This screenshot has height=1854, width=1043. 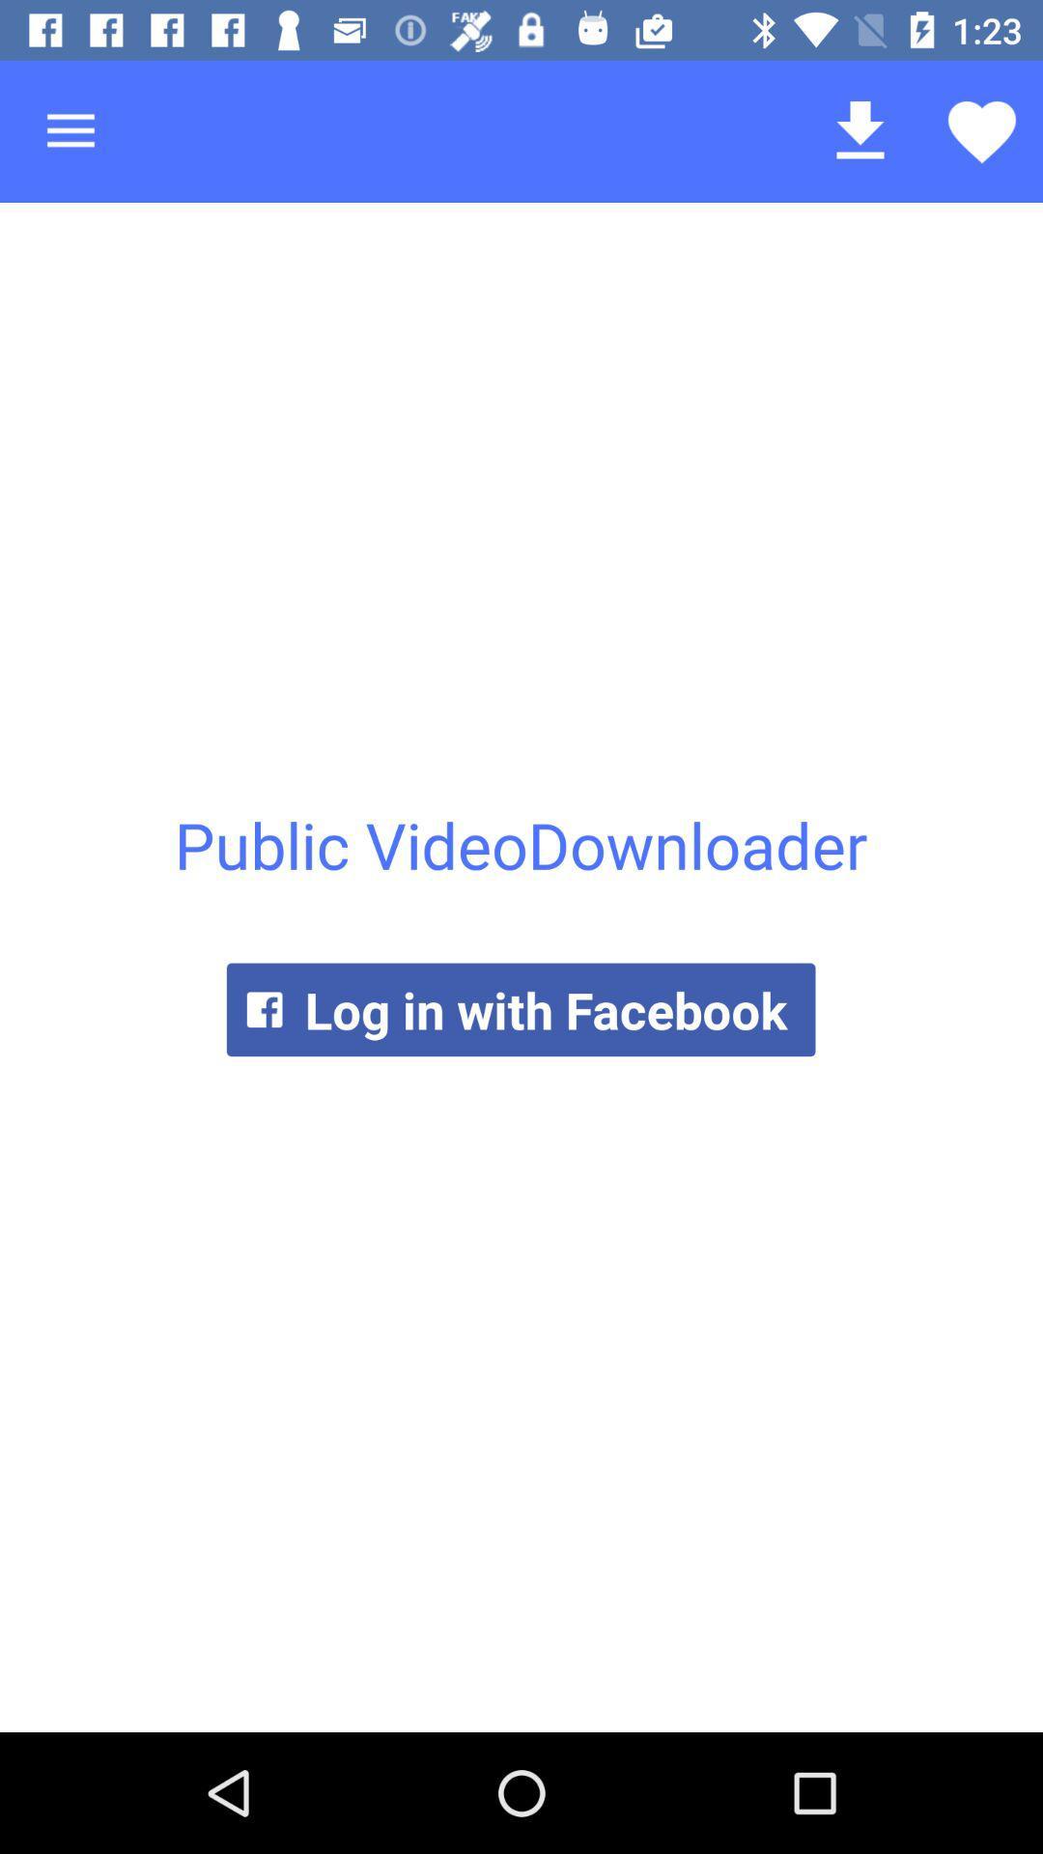 What do you see at coordinates (70, 130) in the screenshot?
I see `the icon above public videodownloader` at bounding box center [70, 130].